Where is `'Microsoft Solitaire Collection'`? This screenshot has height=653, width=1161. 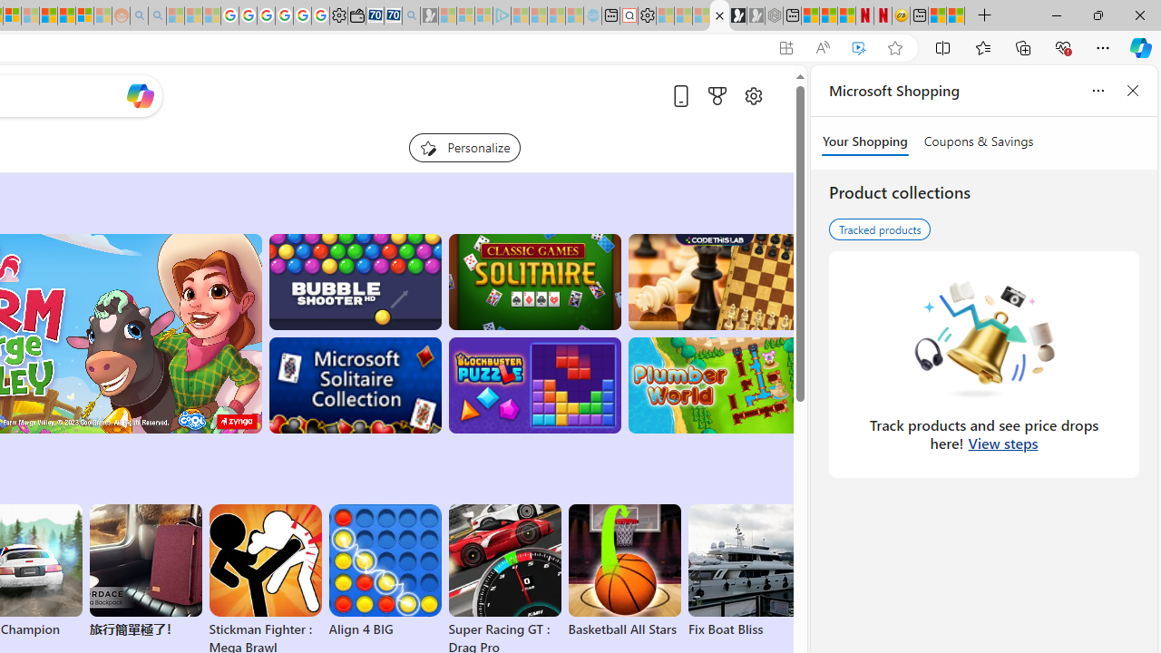 'Microsoft Solitaire Collection' is located at coordinates (355, 385).